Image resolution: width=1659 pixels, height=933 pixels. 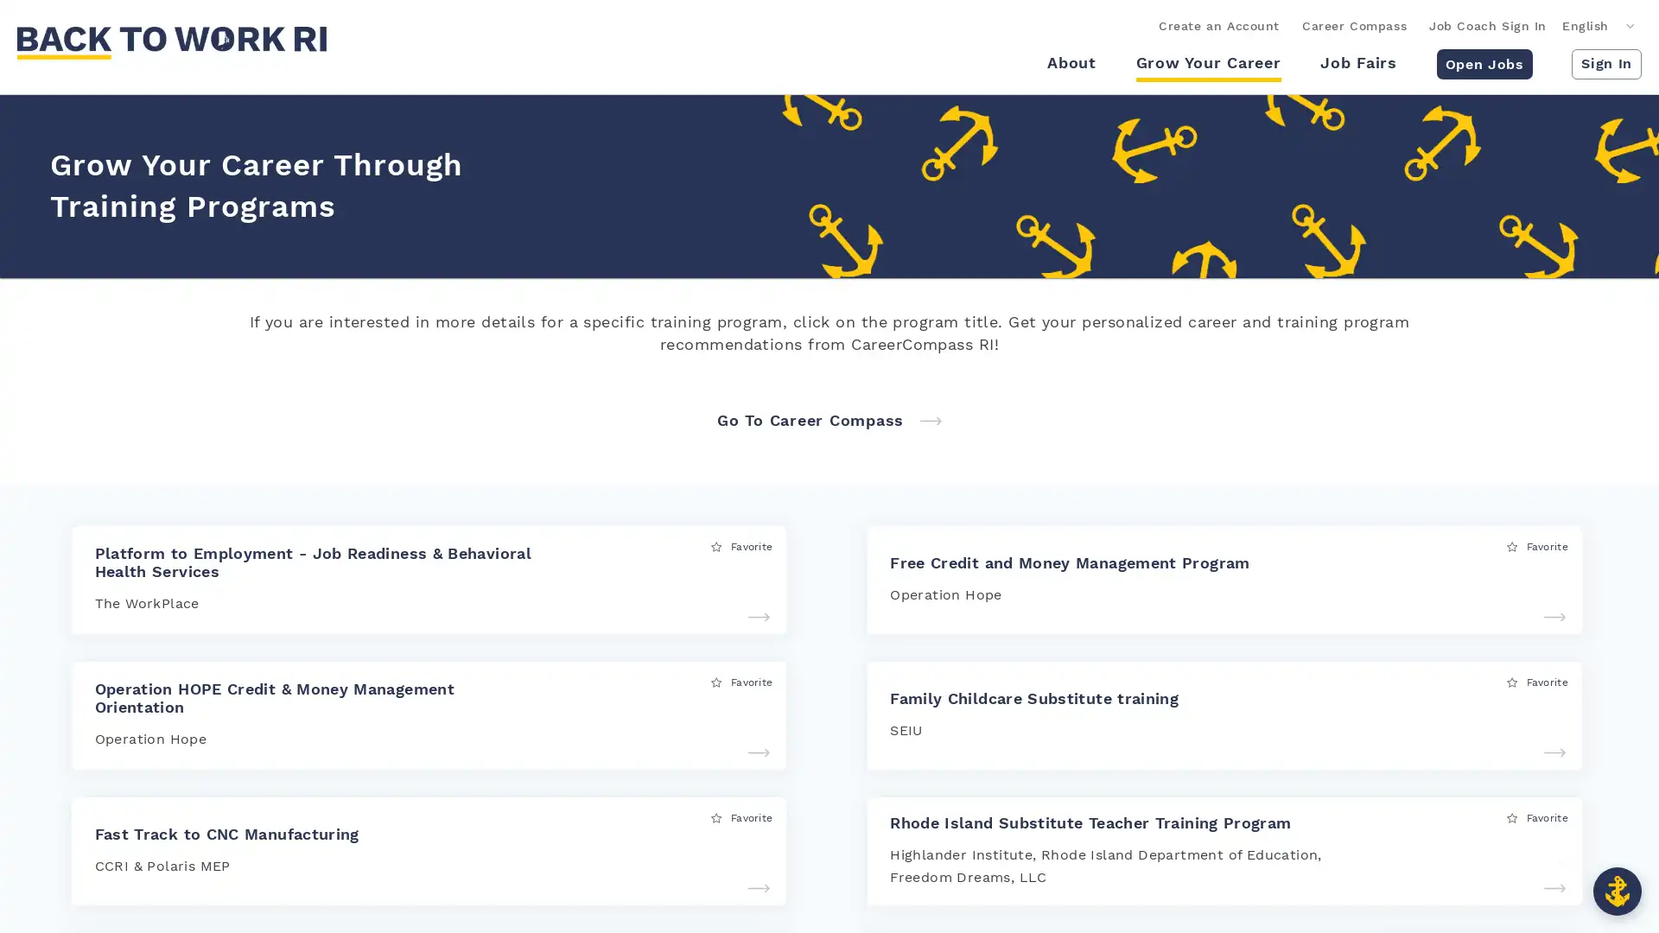 What do you see at coordinates (1537, 681) in the screenshot?
I see `not favorite Favorite` at bounding box center [1537, 681].